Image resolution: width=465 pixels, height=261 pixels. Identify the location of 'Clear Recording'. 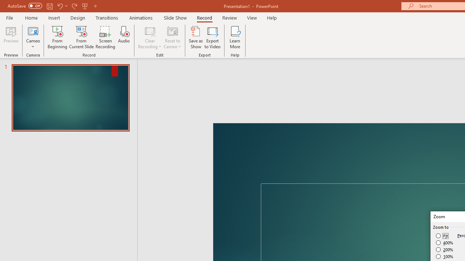
(149, 37).